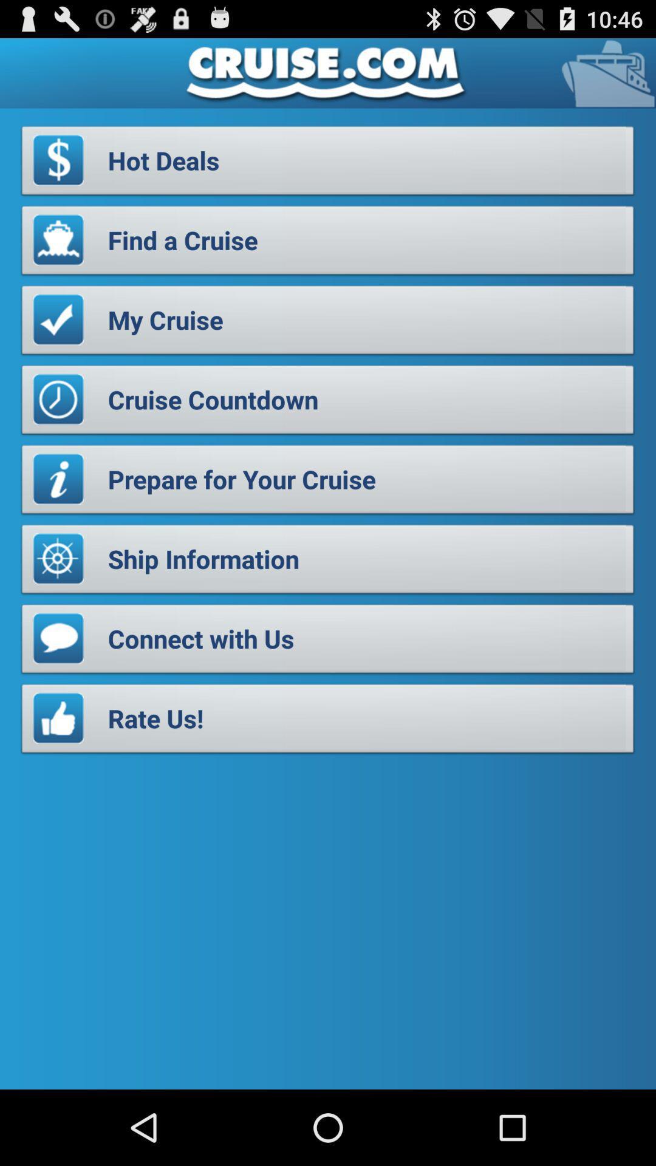 The height and width of the screenshot is (1166, 656). What do you see at coordinates (328, 562) in the screenshot?
I see `the button above the connect with us button` at bounding box center [328, 562].